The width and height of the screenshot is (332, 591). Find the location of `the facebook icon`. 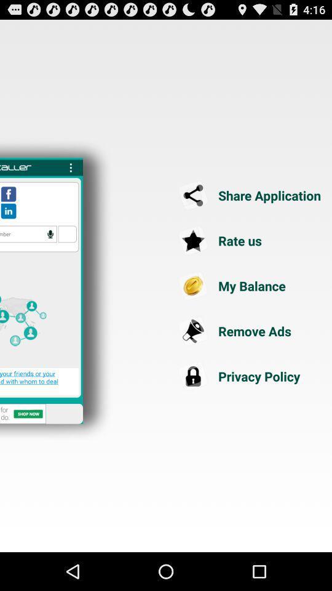

the facebook icon is located at coordinates (8, 207).